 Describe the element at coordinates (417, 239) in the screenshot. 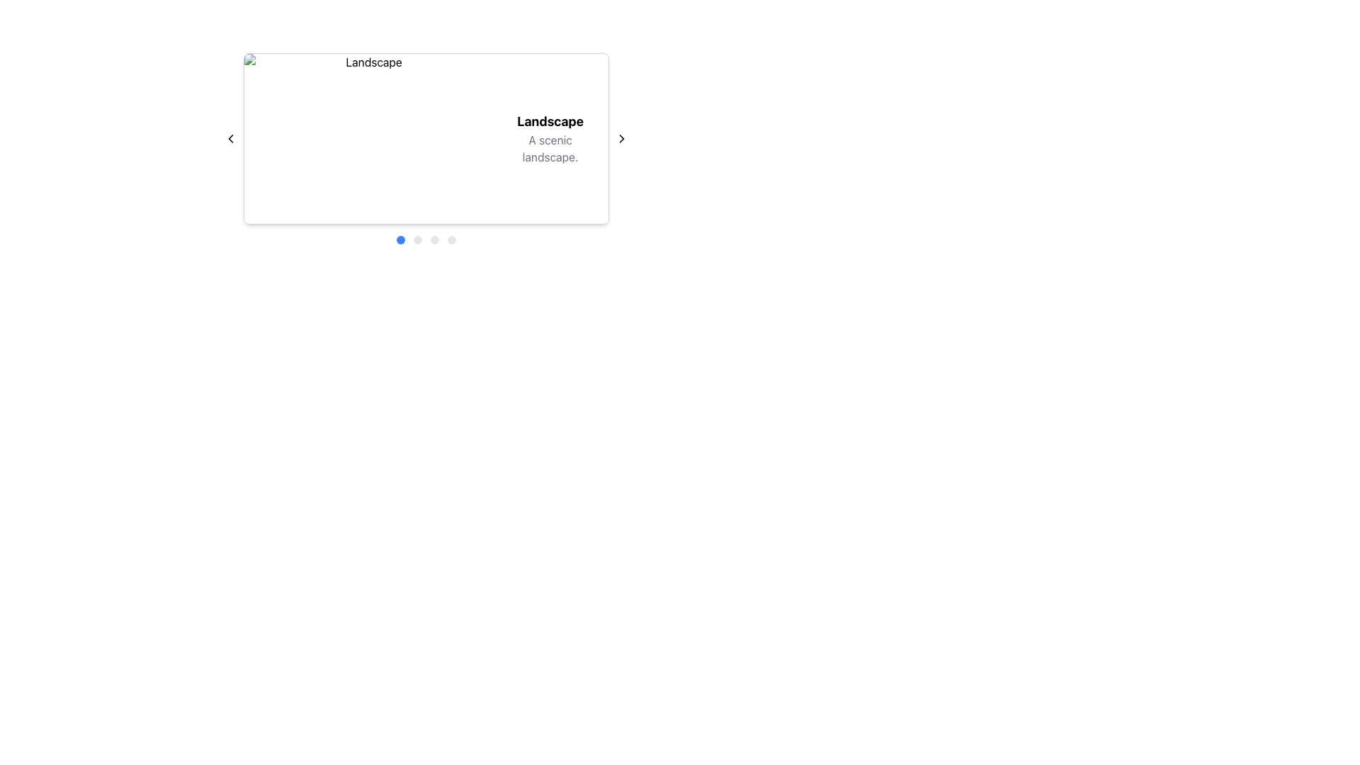

I see `the gray circular indicator dot, which is the second in a series of four dots located below a content card` at that location.